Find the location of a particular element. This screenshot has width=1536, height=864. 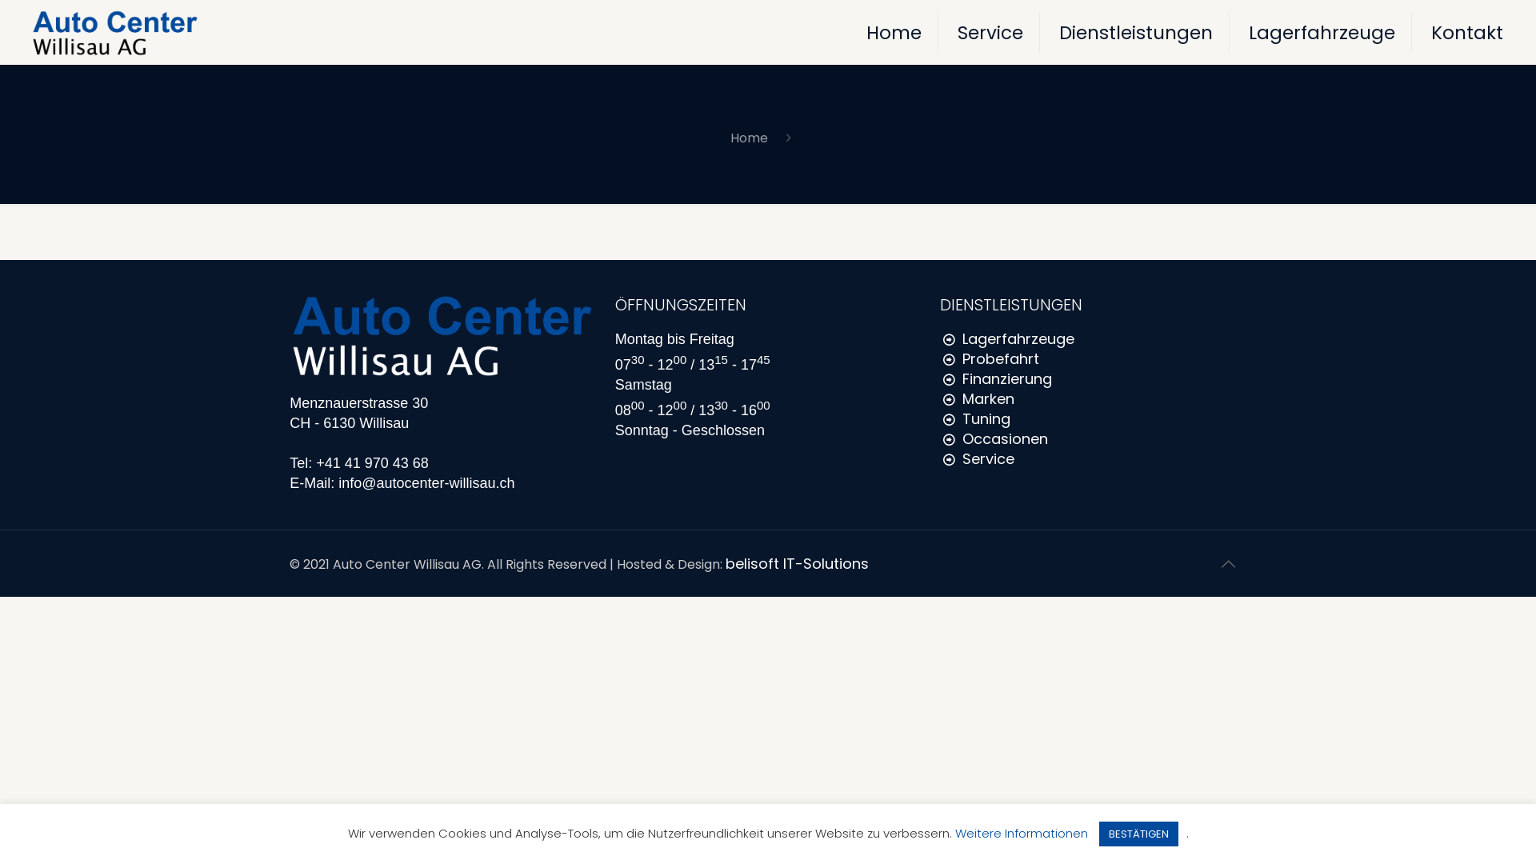

'Home' is located at coordinates (894, 33).